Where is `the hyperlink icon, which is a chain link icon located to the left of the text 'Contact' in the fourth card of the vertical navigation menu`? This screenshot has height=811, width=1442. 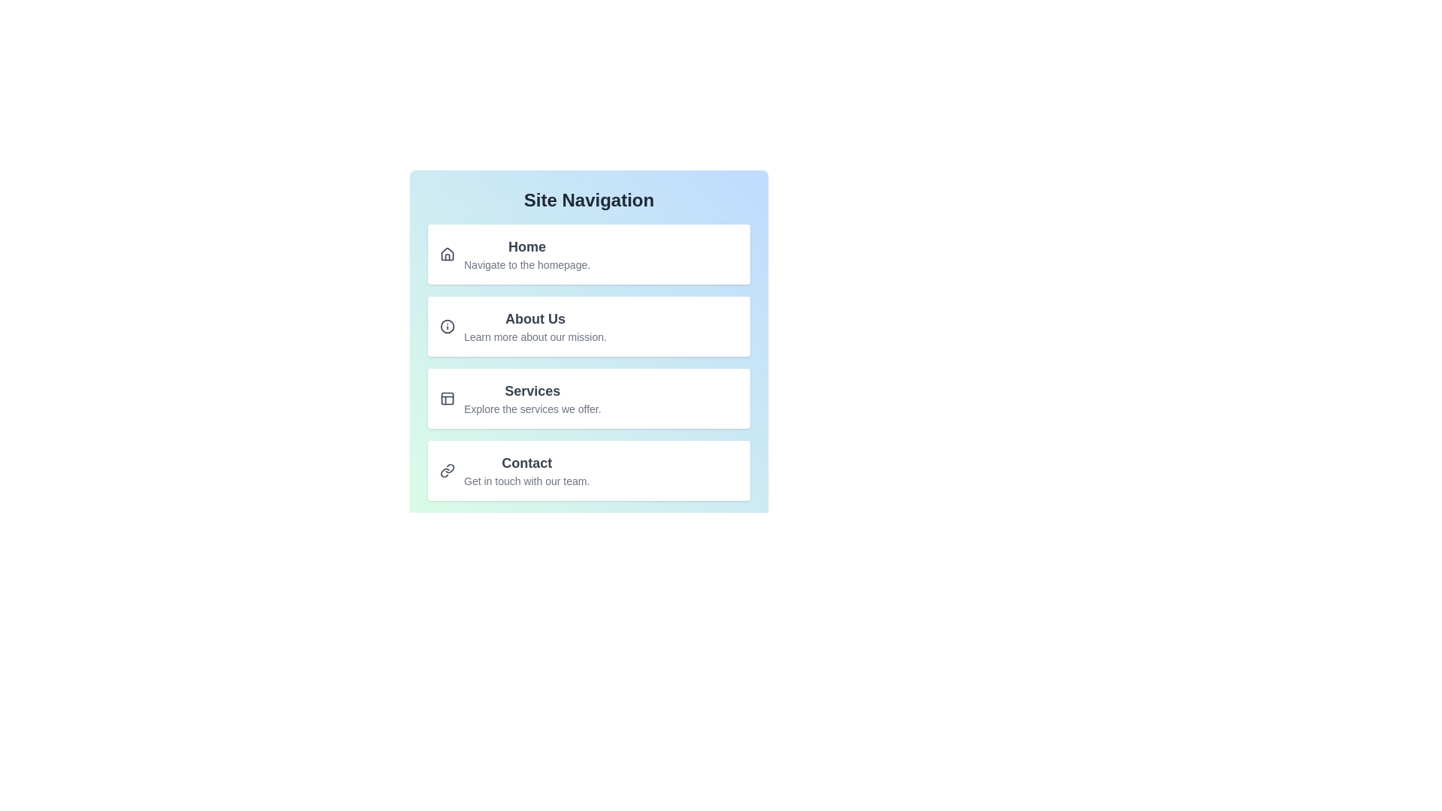
the hyperlink icon, which is a chain link icon located to the left of the text 'Contact' in the fourth card of the vertical navigation menu is located at coordinates (446, 470).